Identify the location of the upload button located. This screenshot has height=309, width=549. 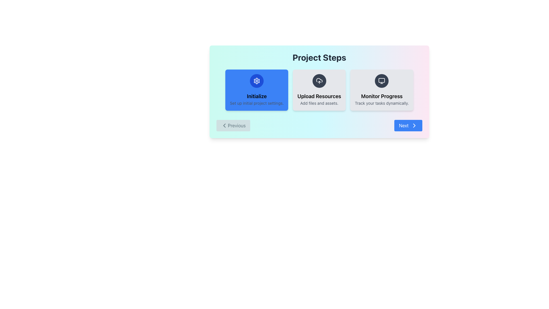
(319, 81).